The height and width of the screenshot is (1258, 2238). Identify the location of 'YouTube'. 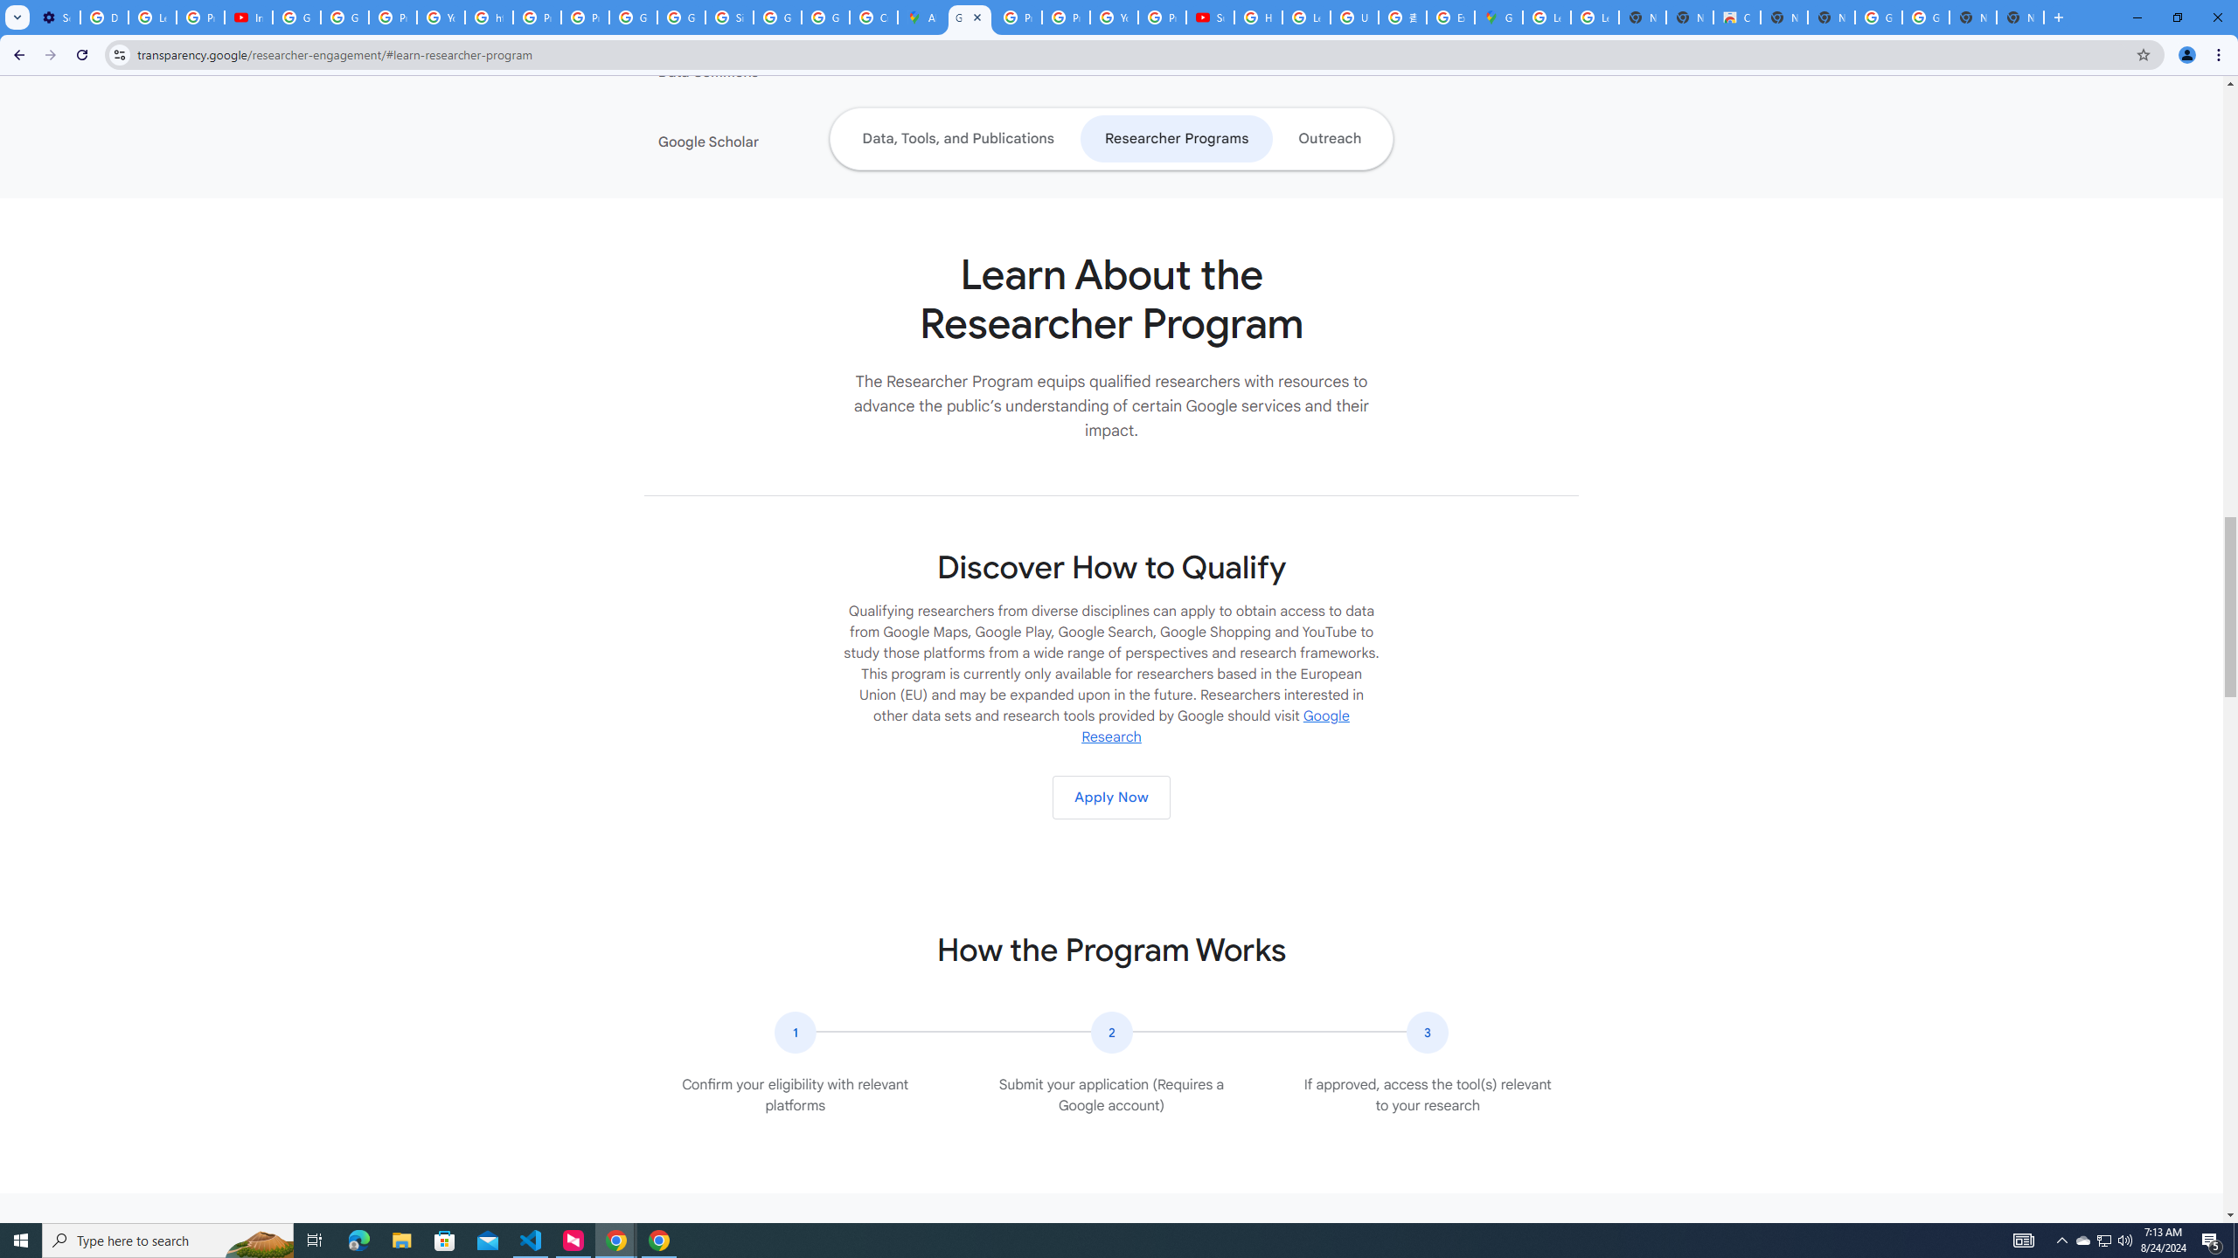
(1113, 17).